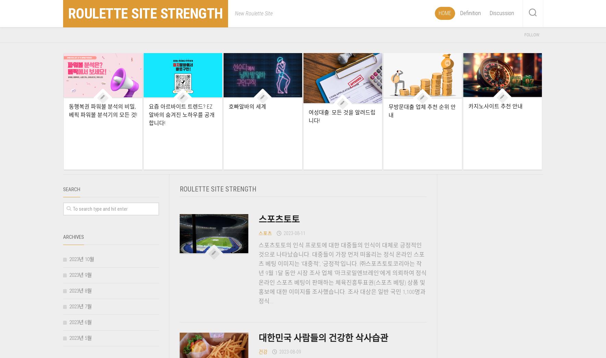 The height and width of the screenshot is (358, 606). What do you see at coordinates (69, 338) in the screenshot?
I see `'2023년 5월'` at bounding box center [69, 338].